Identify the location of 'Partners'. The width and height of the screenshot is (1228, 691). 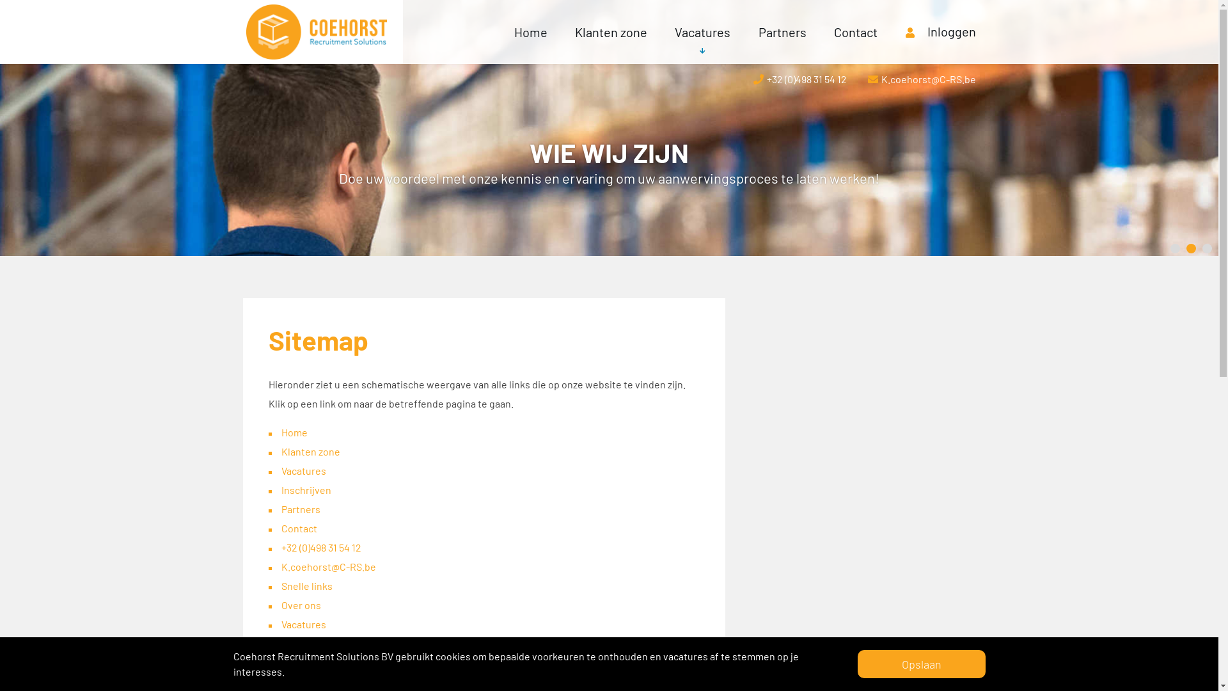
(300, 508).